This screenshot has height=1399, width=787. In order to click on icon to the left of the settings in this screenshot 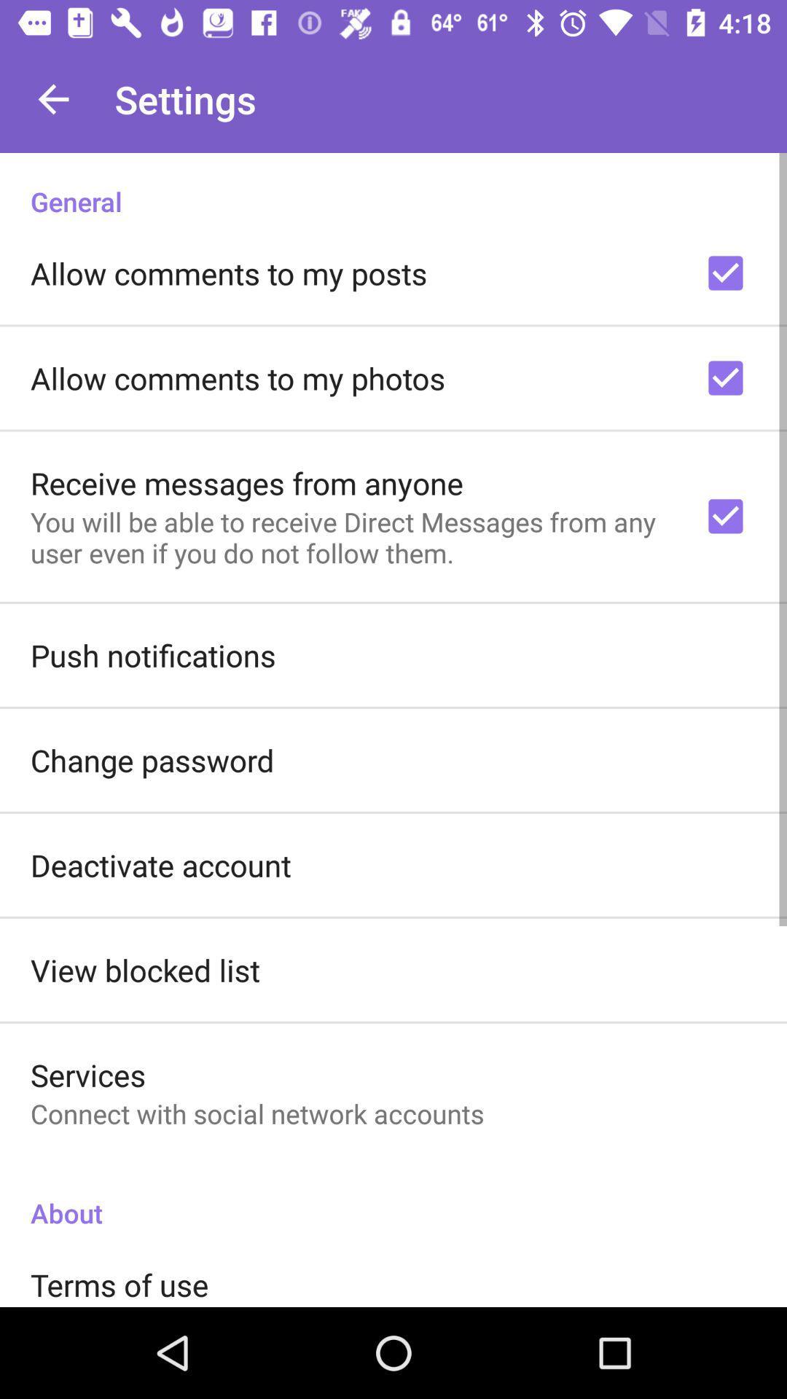, I will do `click(52, 98)`.